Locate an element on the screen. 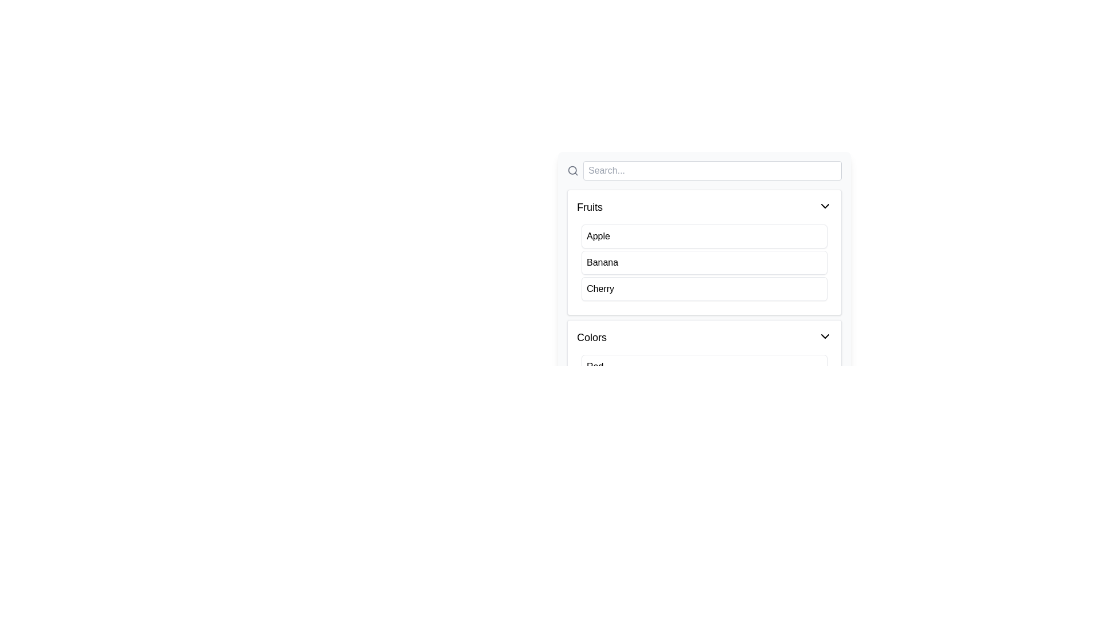  the chevron icon located to the right of the 'Colors' label is located at coordinates (825, 336).